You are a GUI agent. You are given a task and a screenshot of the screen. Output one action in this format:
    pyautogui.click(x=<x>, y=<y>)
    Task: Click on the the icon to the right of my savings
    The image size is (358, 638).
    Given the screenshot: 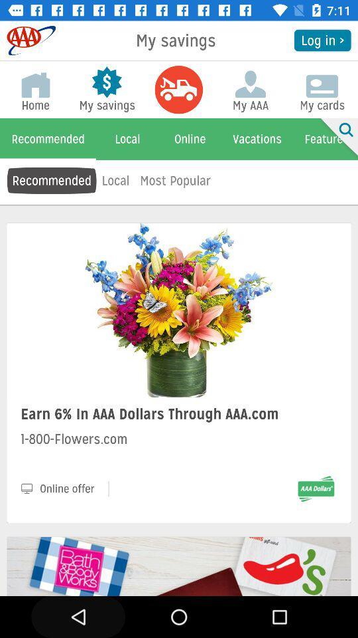 What is the action you would take?
    pyautogui.click(x=322, y=39)
    